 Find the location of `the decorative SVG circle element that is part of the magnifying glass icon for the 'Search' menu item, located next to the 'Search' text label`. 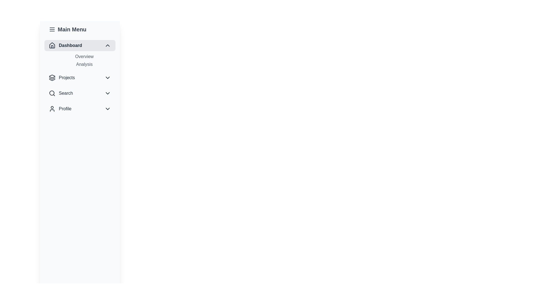

the decorative SVG circle element that is part of the magnifying glass icon for the 'Search' menu item, located next to the 'Search' text label is located at coordinates (52, 93).